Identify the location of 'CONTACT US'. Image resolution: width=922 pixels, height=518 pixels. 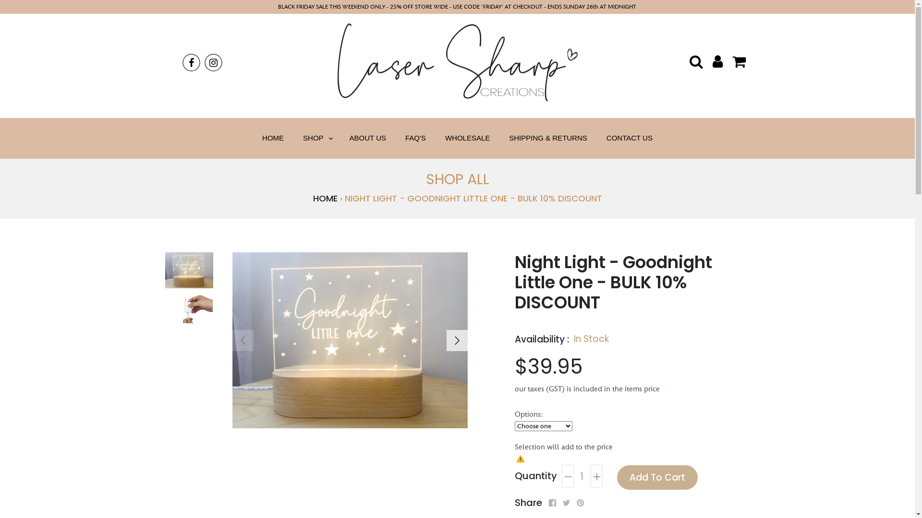
(629, 138).